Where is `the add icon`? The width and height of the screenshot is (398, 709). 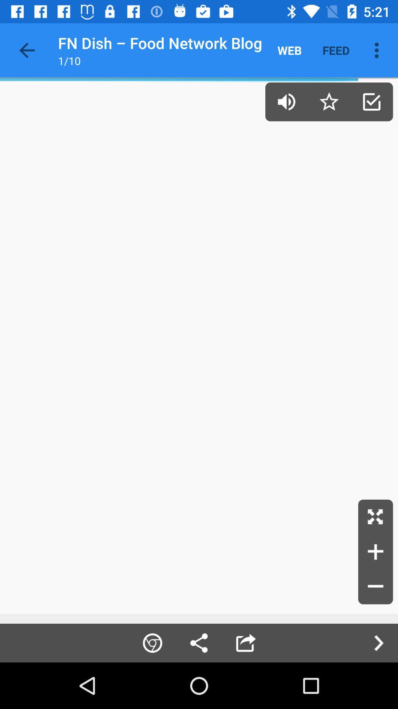
the add icon is located at coordinates (376, 552).